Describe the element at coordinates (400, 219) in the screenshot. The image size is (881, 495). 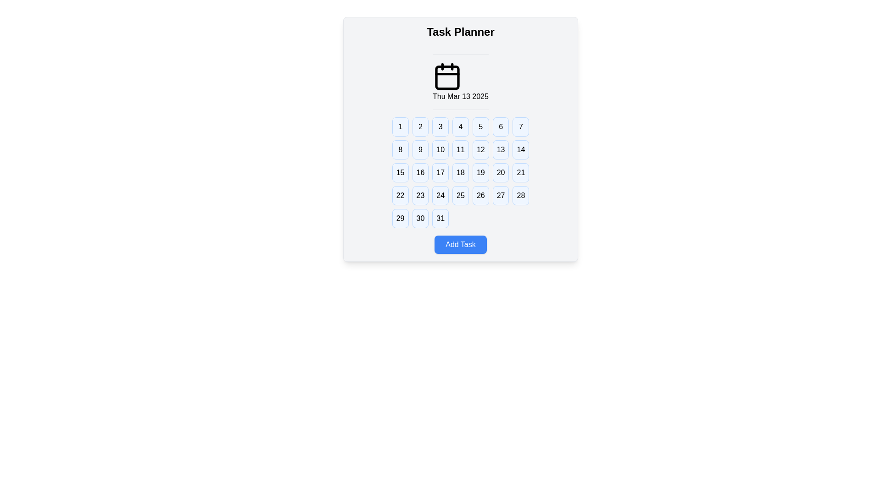
I see `the Calendar Day Button which has a light blue background, rounded edges, and contains the number '29' in black at its center` at that location.